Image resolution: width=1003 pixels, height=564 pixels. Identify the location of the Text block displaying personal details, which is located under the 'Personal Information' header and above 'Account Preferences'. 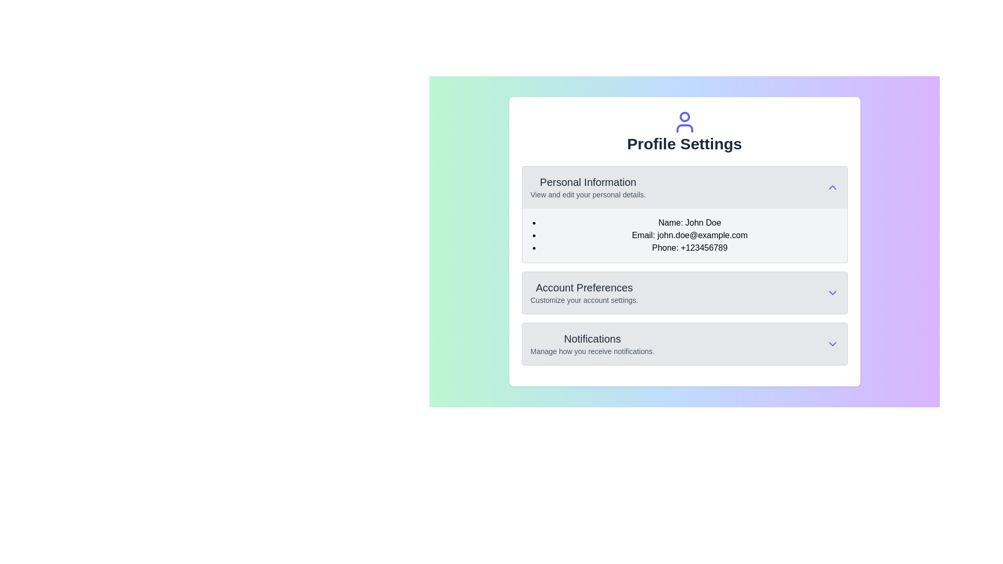
(684, 236).